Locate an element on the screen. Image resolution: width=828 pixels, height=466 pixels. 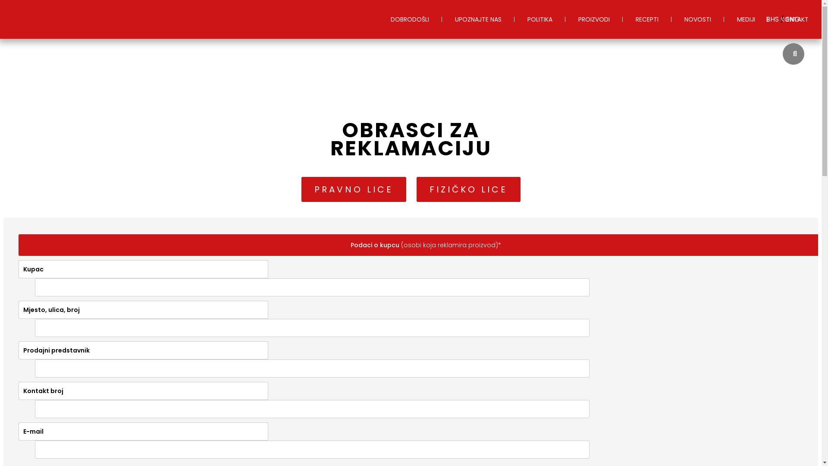
'ENG' is located at coordinates (793, 19).